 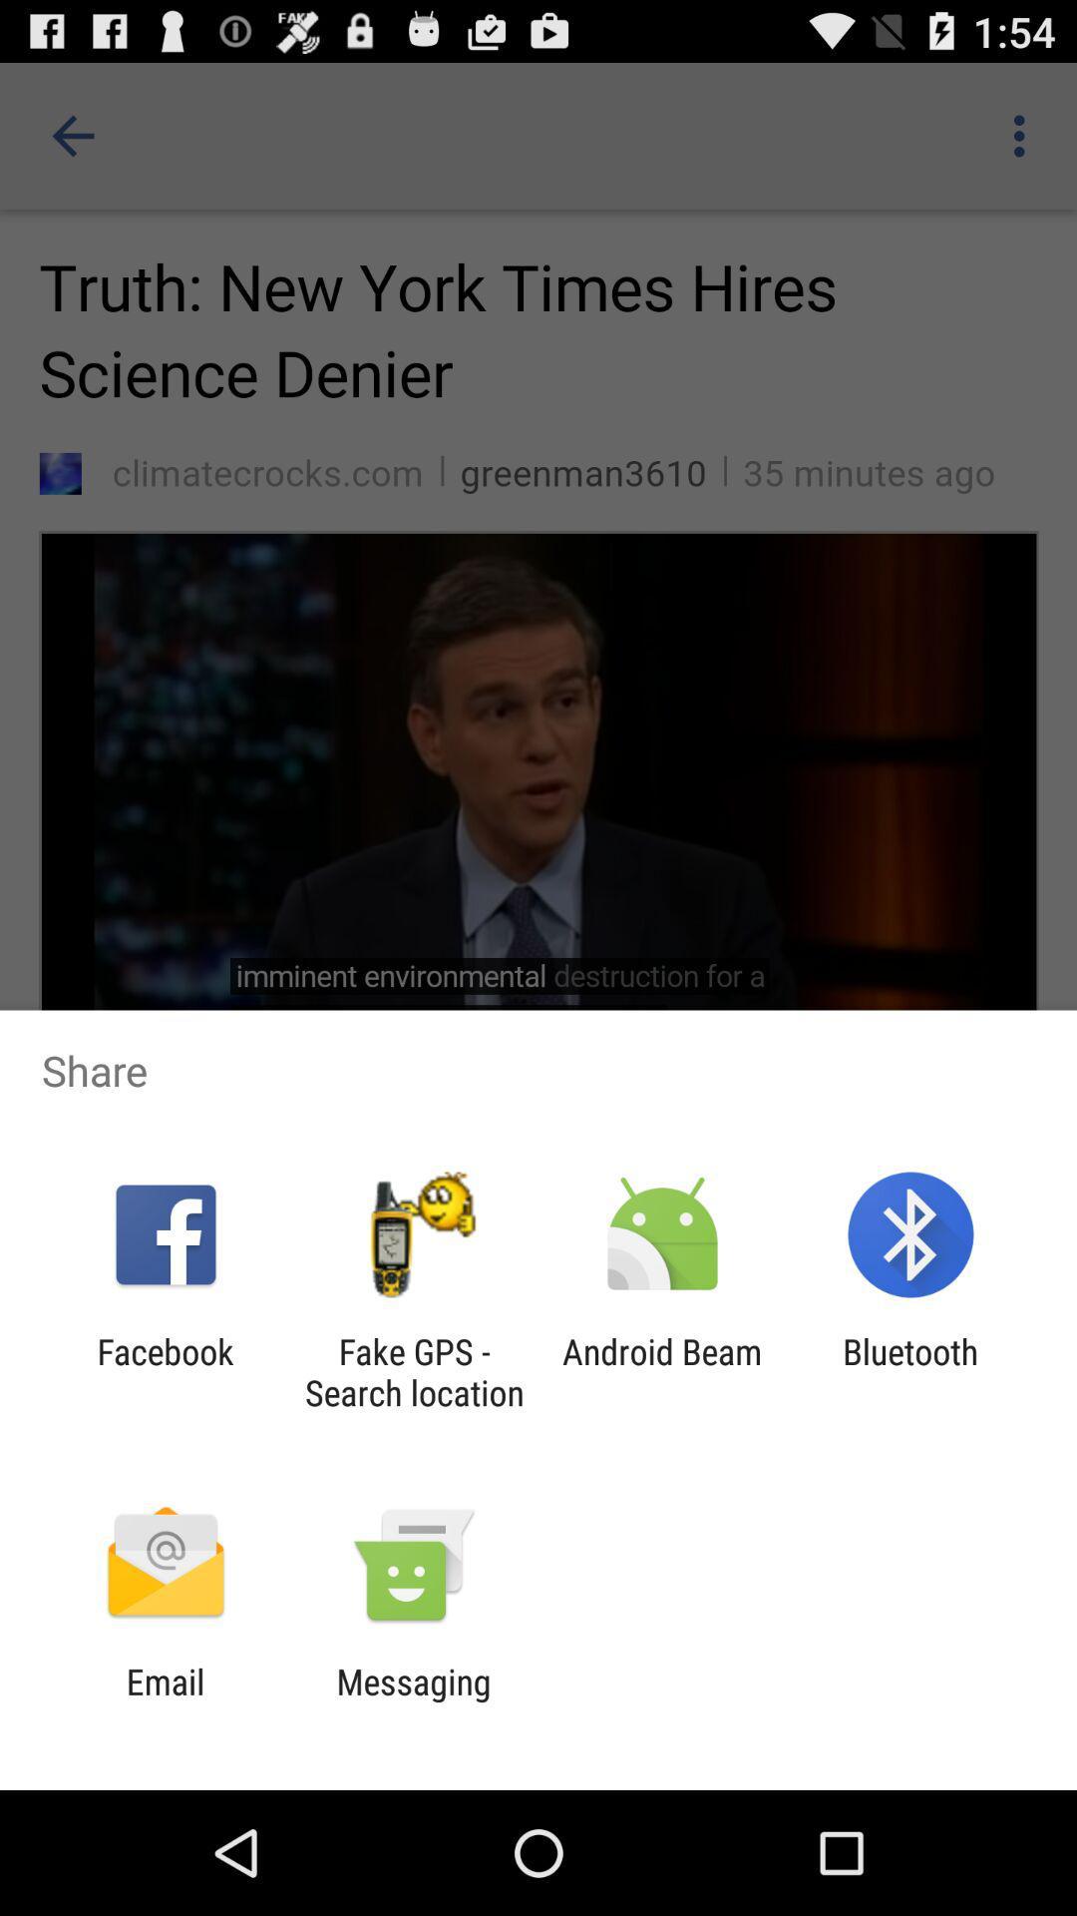 I want to click on the app next to messaging, so click(x=165, y=1701).